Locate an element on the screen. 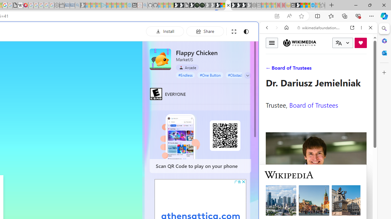 The image size is (391, 219). 'Forward' is located at coordinates (276, 28).